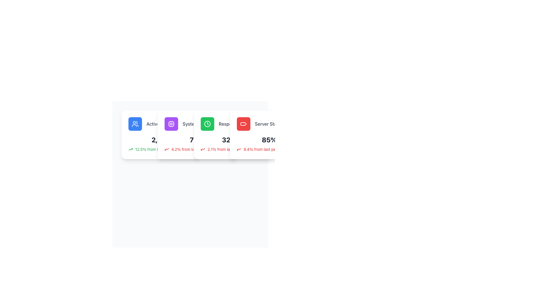  Describe the element at coordinates (171, 124) in the screenshot. I see `the CPU-like icon representing a category or feature, which is the second icon from the left in the group` at that location.